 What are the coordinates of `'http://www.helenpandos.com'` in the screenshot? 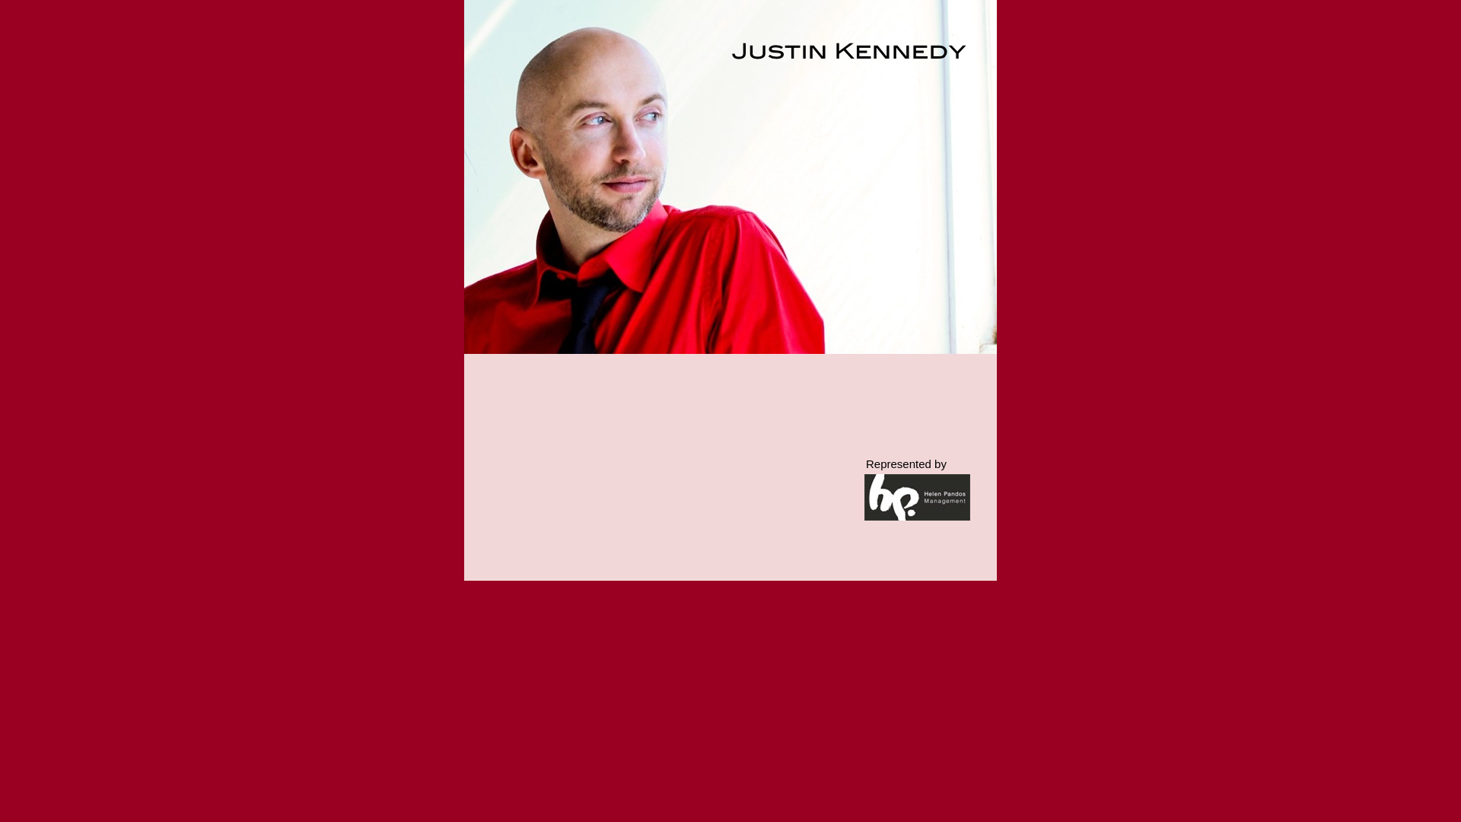 It's located at (916, 515).